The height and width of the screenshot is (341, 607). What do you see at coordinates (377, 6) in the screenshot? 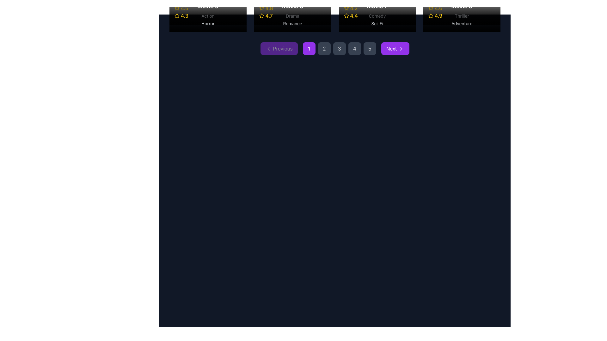
I see `the 'Movie 7' label, which is displayed in a bold, white font at the top of its movie item card, positioned above the star rating and genre label` at bounding box center [377, 6].